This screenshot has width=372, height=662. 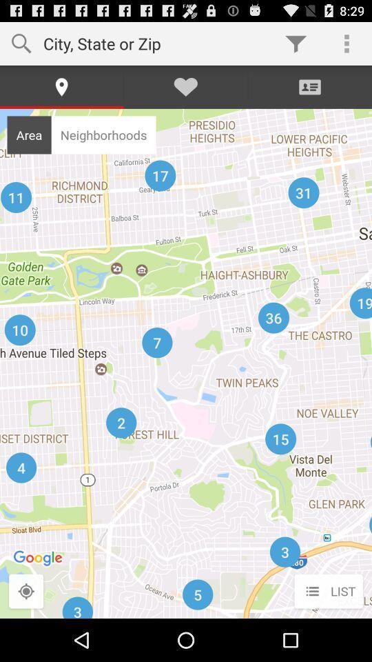 What do you see at coordinates (26, 591) in the screenshot?
I see `button next to the list` at bounding box center [26, 591].